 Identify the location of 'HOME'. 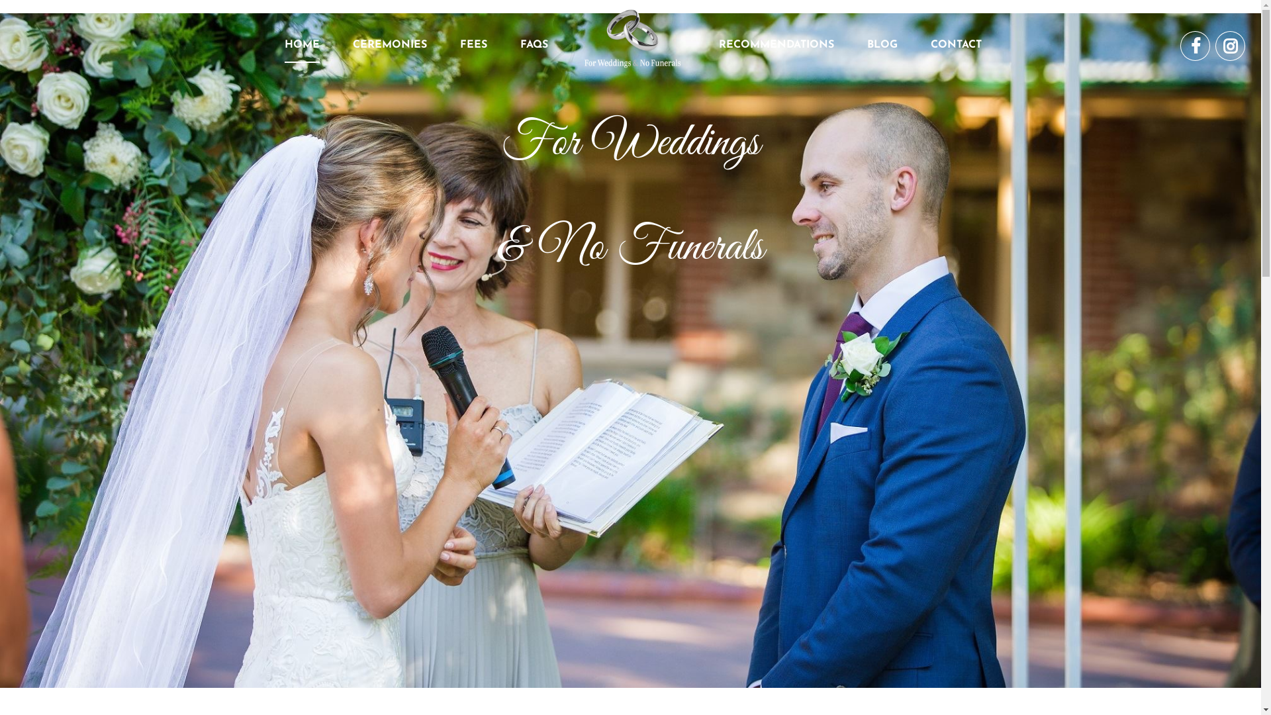
(284, 45).